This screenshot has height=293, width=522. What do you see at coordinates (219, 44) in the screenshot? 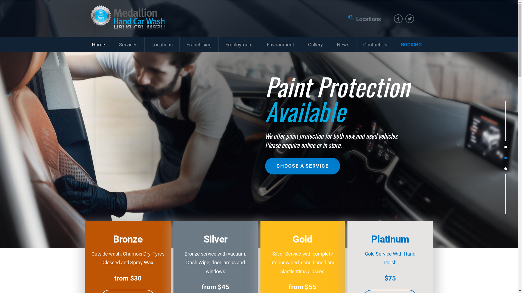
I see `'Employment'` at bounding box center [219, 44].